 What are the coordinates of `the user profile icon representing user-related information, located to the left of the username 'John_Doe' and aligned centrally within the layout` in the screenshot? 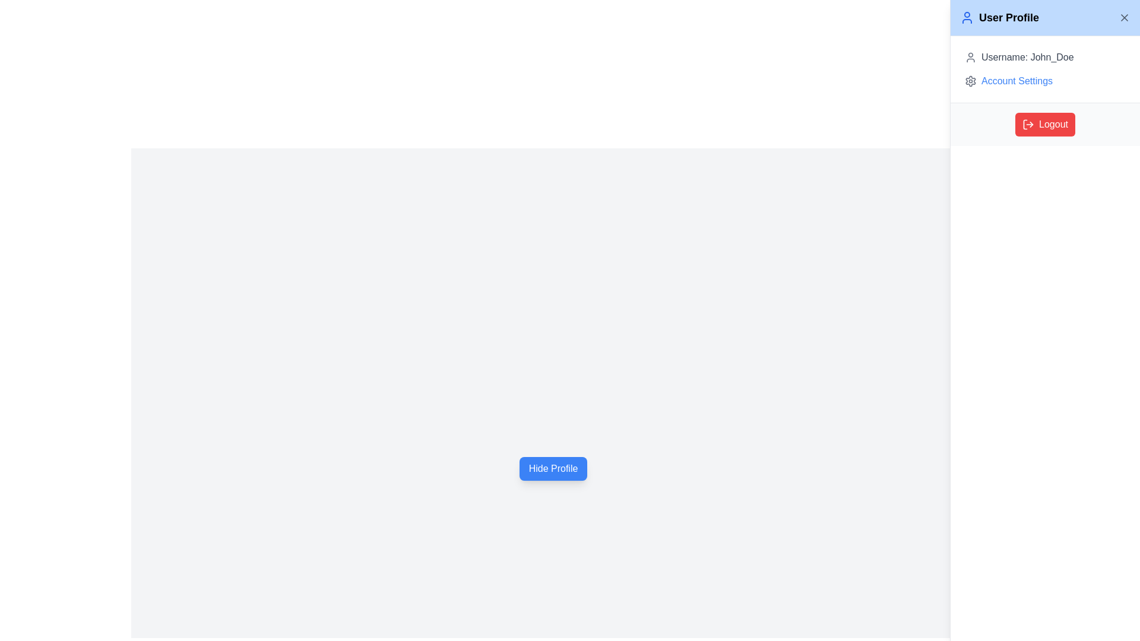 It's located at (971, 57).